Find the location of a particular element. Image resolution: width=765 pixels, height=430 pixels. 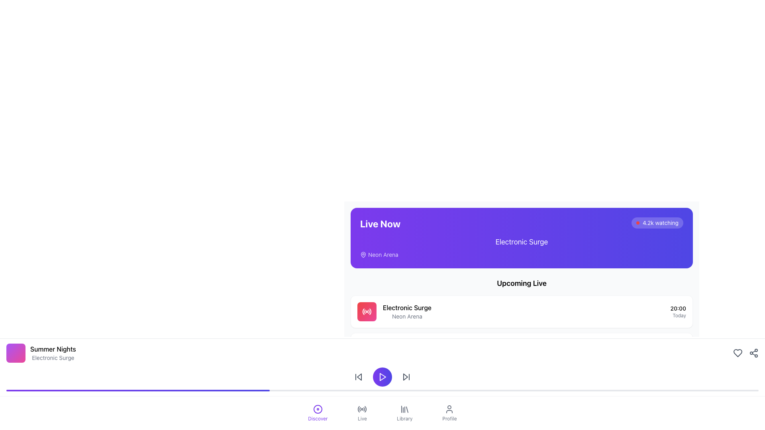

the first interactive media playback control button located to the immediate left of the circular play button is located at coordinates (358, 377).